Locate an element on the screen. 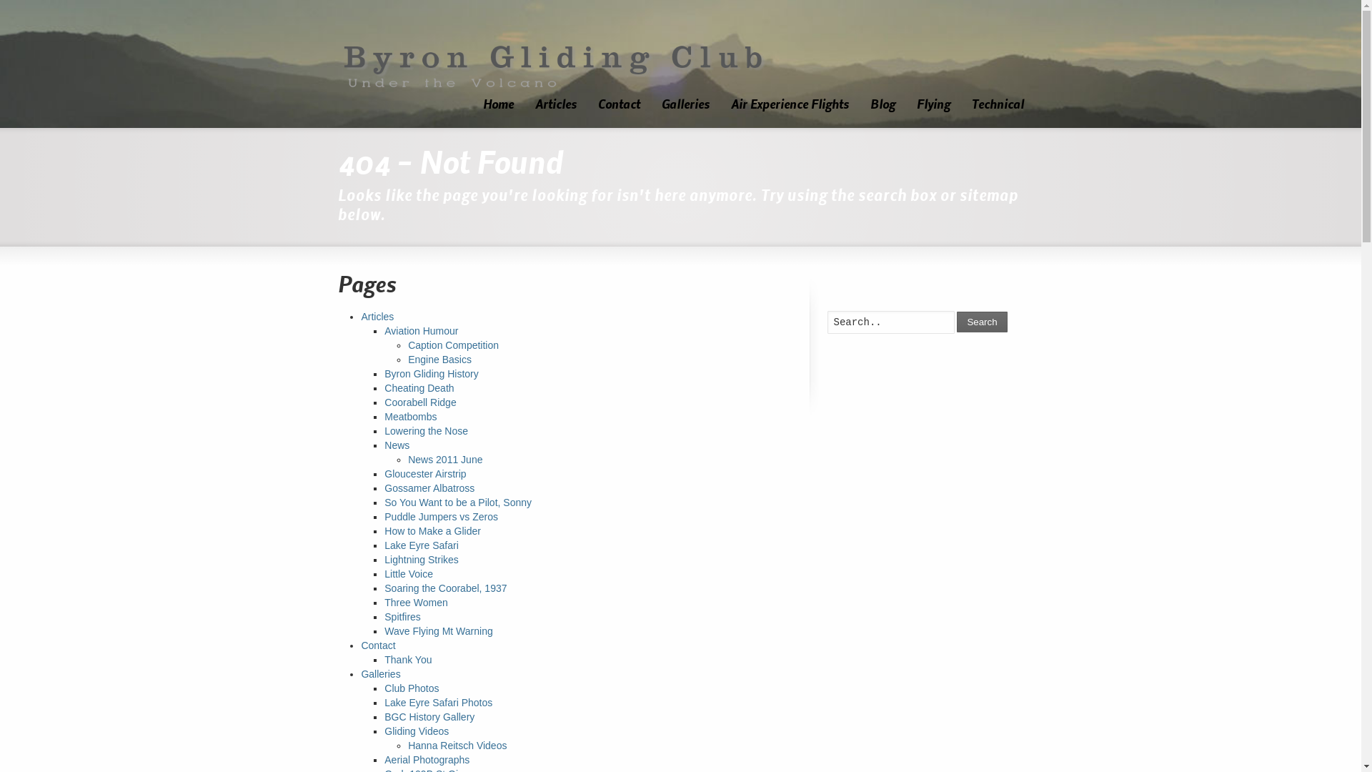  'Galleries' is located at coordinates (380, 673).